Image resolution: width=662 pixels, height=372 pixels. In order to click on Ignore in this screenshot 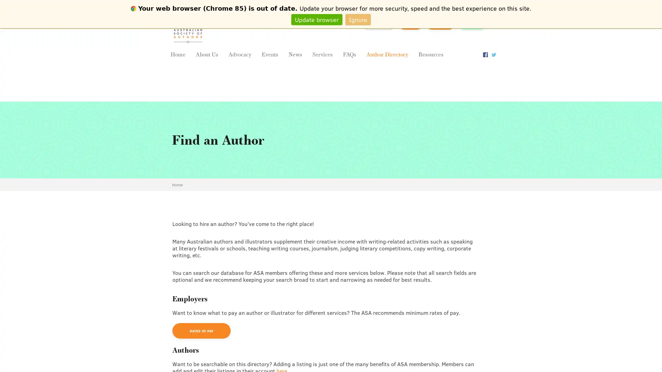, I will do `click(358, 19)`.